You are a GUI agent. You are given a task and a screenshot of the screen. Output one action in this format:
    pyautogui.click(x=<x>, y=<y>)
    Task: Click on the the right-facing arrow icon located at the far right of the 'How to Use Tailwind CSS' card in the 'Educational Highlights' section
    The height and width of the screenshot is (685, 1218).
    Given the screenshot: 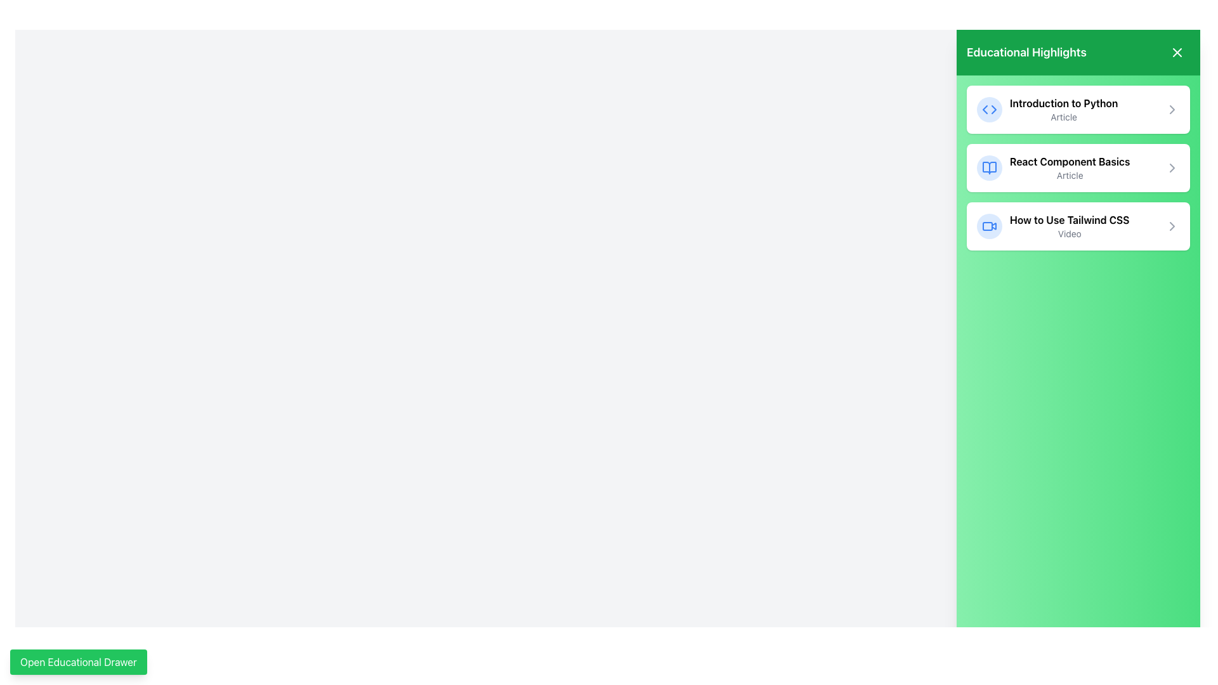 What is the action you would take?
    pyautogui.click(x=1172, y=226)
    